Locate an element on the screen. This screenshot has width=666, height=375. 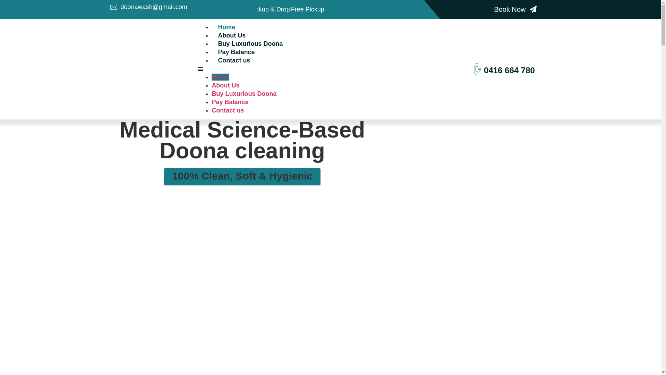
'Book Now' is located at coordinates (515, 9).